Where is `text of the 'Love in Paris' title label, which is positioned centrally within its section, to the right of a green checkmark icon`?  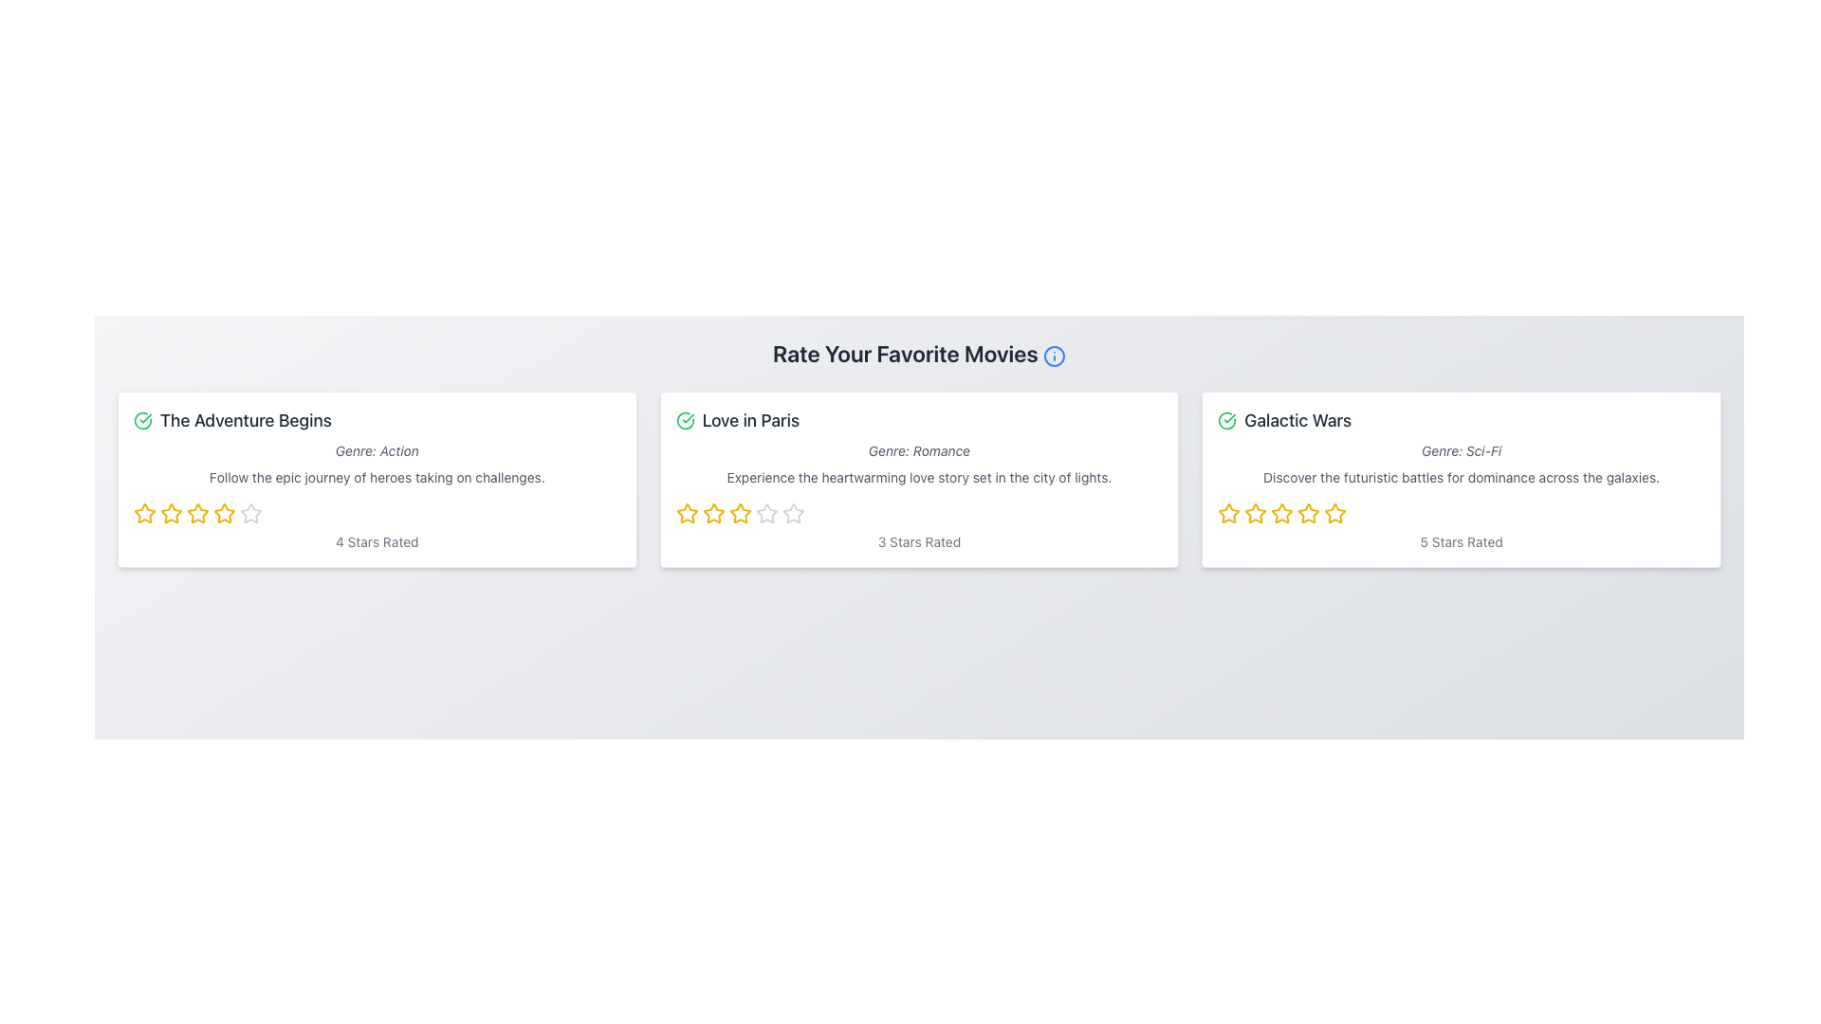 text of the 'Love in Paris' title label, which is positioned centrally within its section, to the right of a green checkmark icon is located at coordinates (749, 419).